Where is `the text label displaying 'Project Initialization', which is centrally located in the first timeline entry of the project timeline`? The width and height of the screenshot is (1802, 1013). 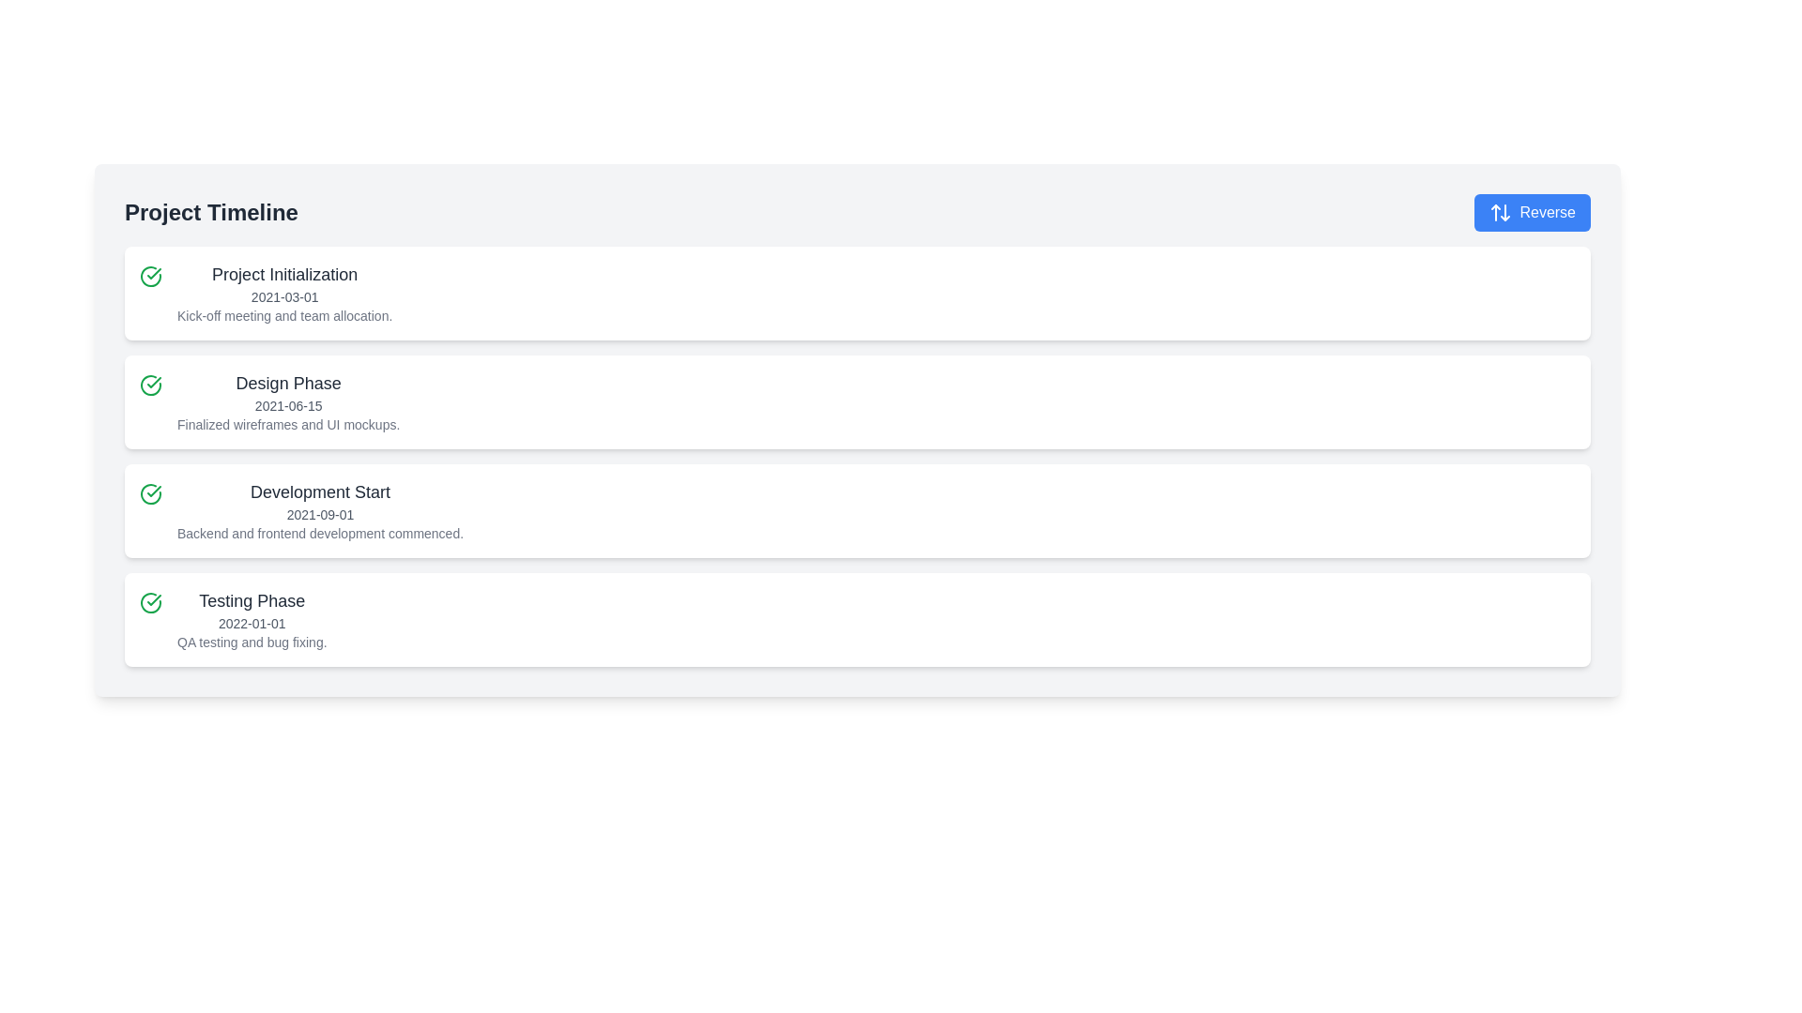 the text label displaying 'Project Initialization', which is centrally located in the first timeline entry of the project timeline is located at coordinates (283, 275).